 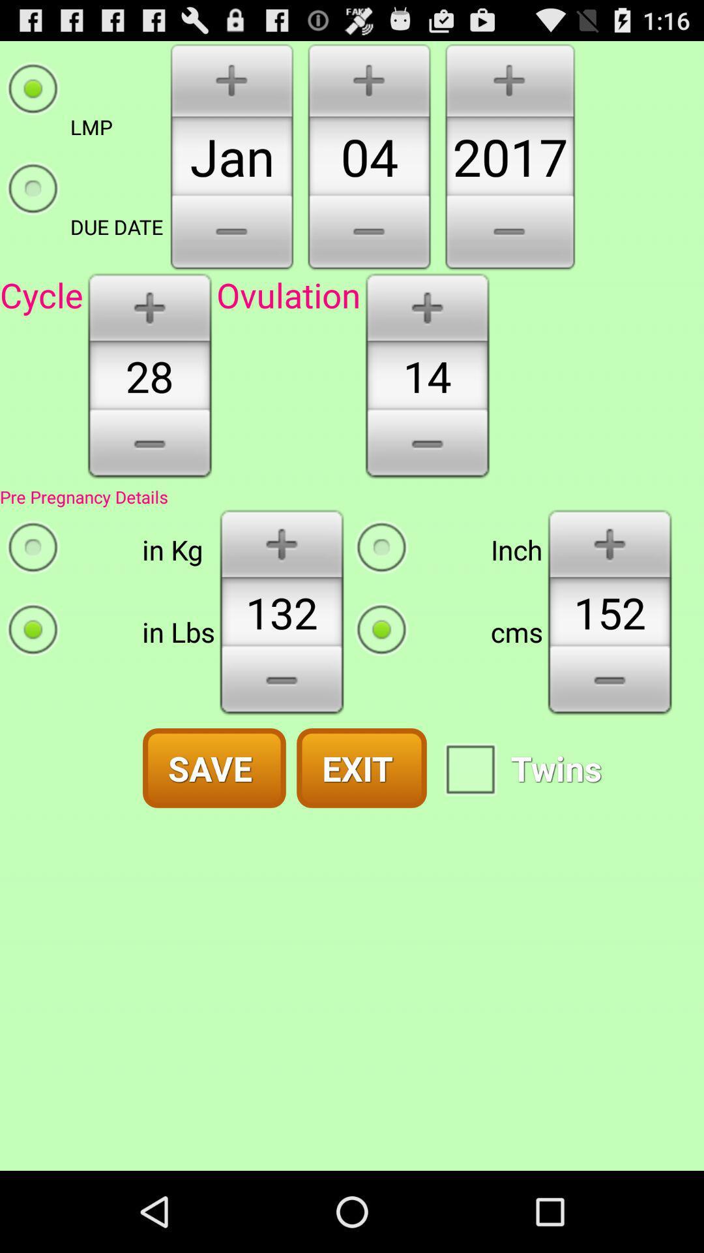 I want to click on to increase numeral, so click(x=427, y=305).